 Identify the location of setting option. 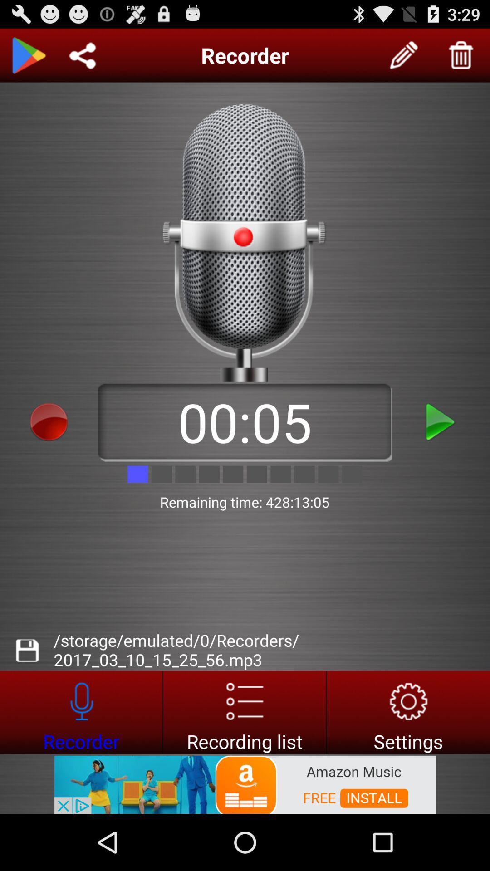
(408, 712).